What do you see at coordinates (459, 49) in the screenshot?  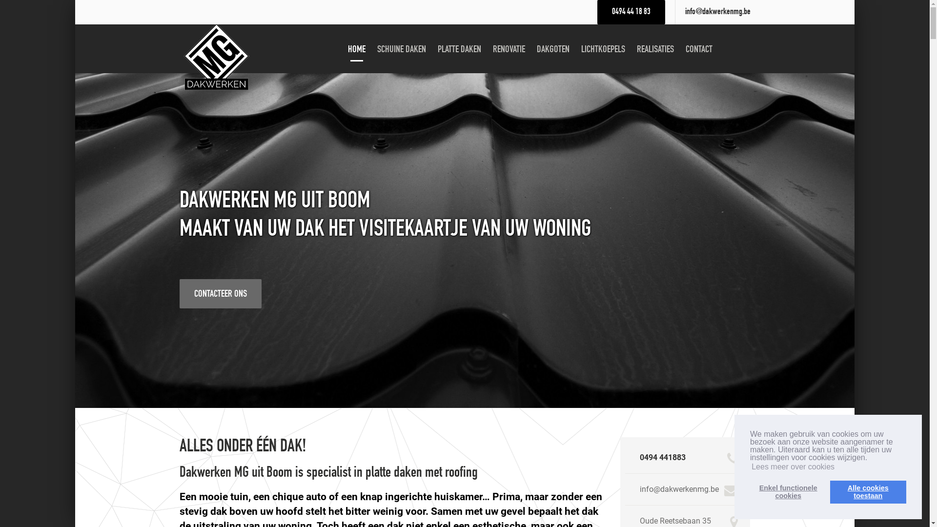 I see `'PLATTE DAKEN'` at bounding box center [459, 49].